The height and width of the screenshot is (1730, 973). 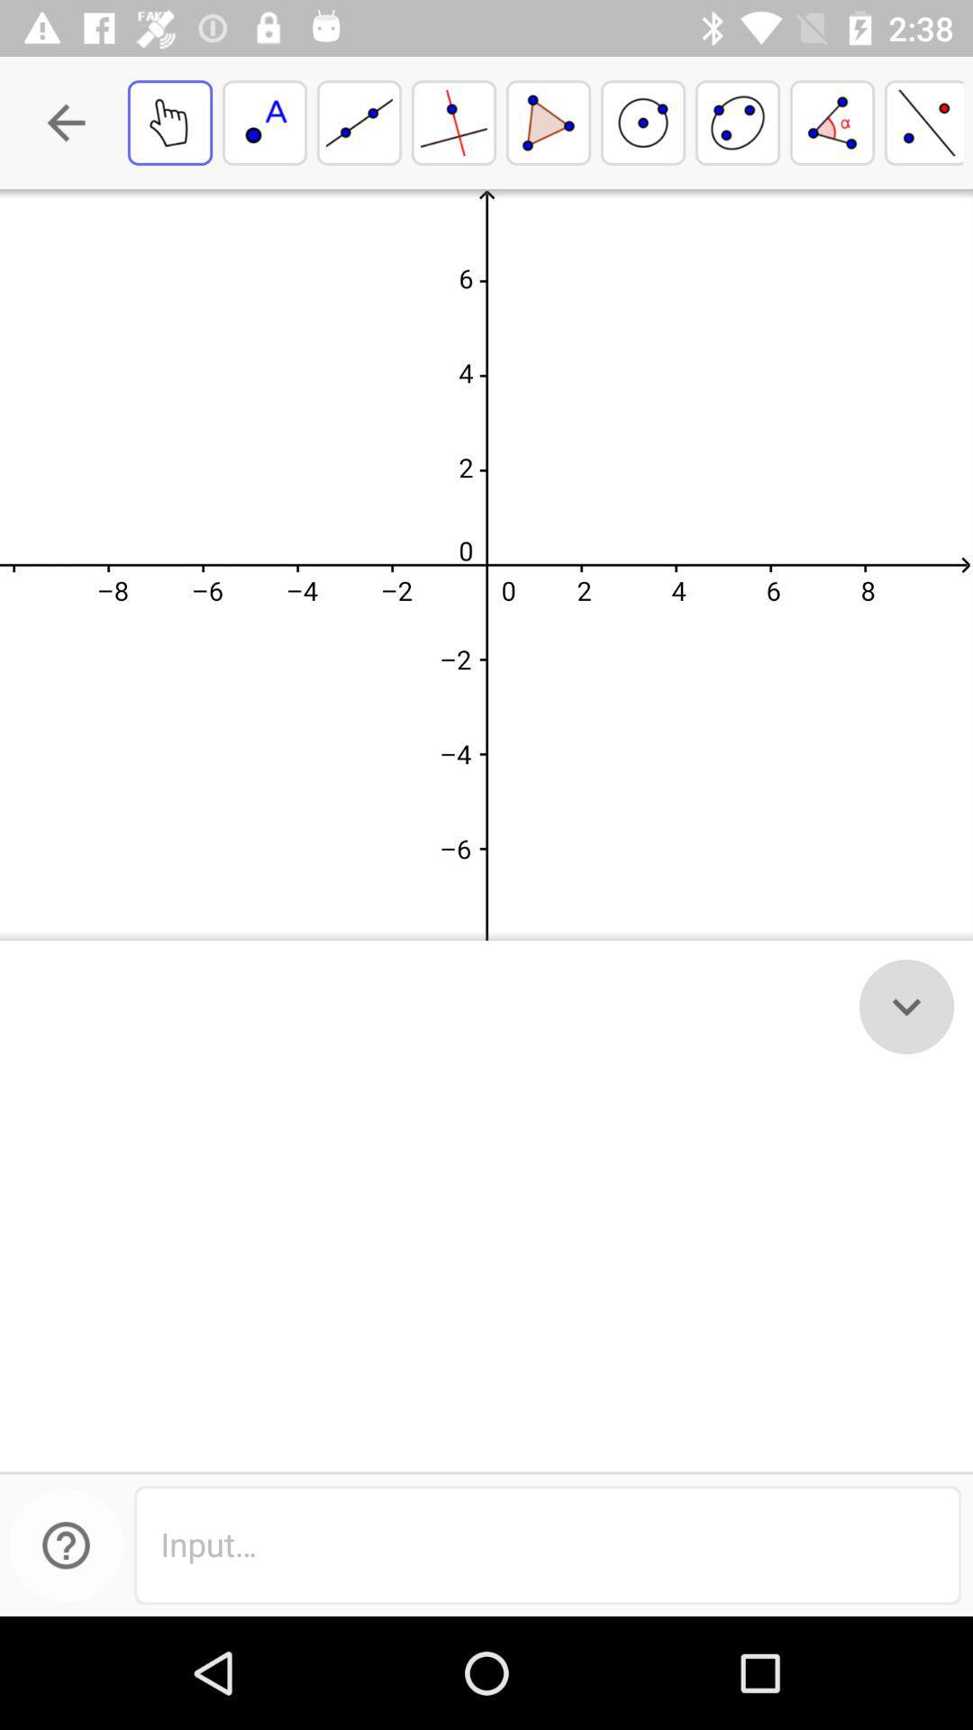 What do you see at coordinates (65, 1544) in the screenshot?
I see `the help icon` at bounding box center [65, 1544].